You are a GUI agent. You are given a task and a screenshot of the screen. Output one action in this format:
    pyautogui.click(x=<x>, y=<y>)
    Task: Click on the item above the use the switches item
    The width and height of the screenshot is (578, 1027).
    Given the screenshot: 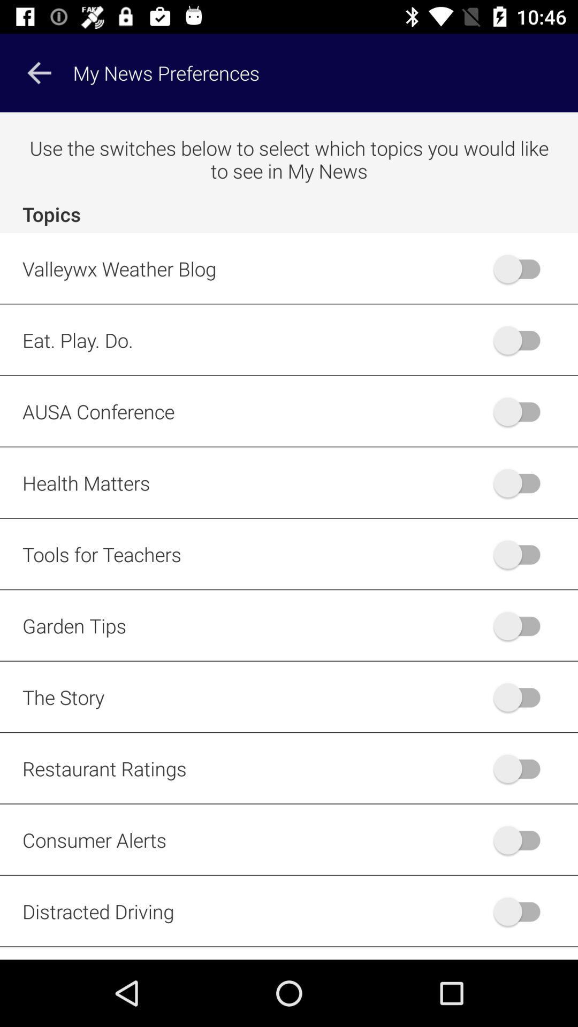 What is the action you would take?
    pyautogui.click(x=39, y=72)
    